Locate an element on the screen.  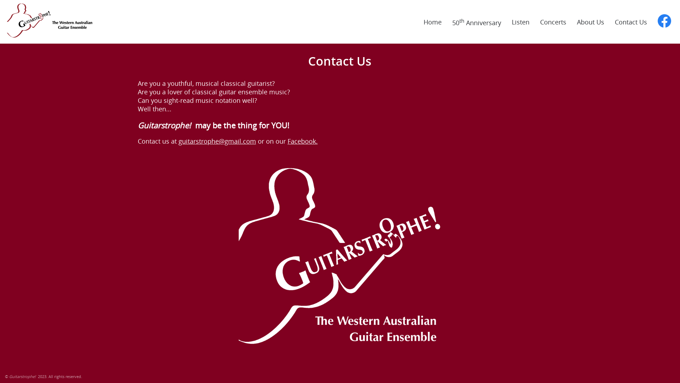
'About Us' is located at coordinates (590, 21).